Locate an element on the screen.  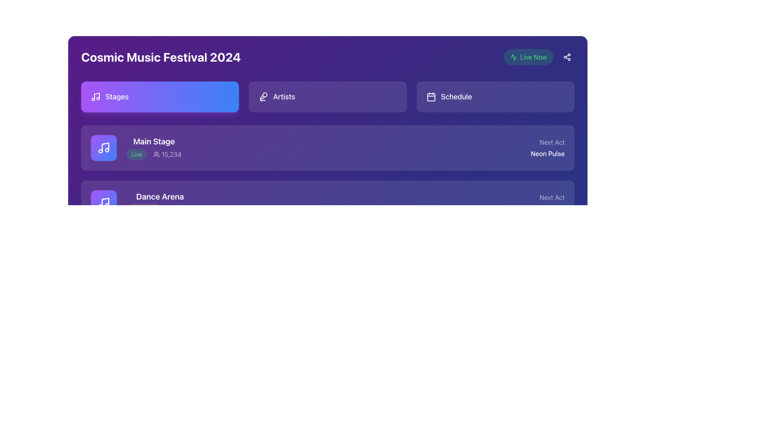
the 'Main Stage' icon located in the purple-to-blue gradient rectangle, positioned to the left of the 'Main Stage' text is located at coordinates (103, 148).